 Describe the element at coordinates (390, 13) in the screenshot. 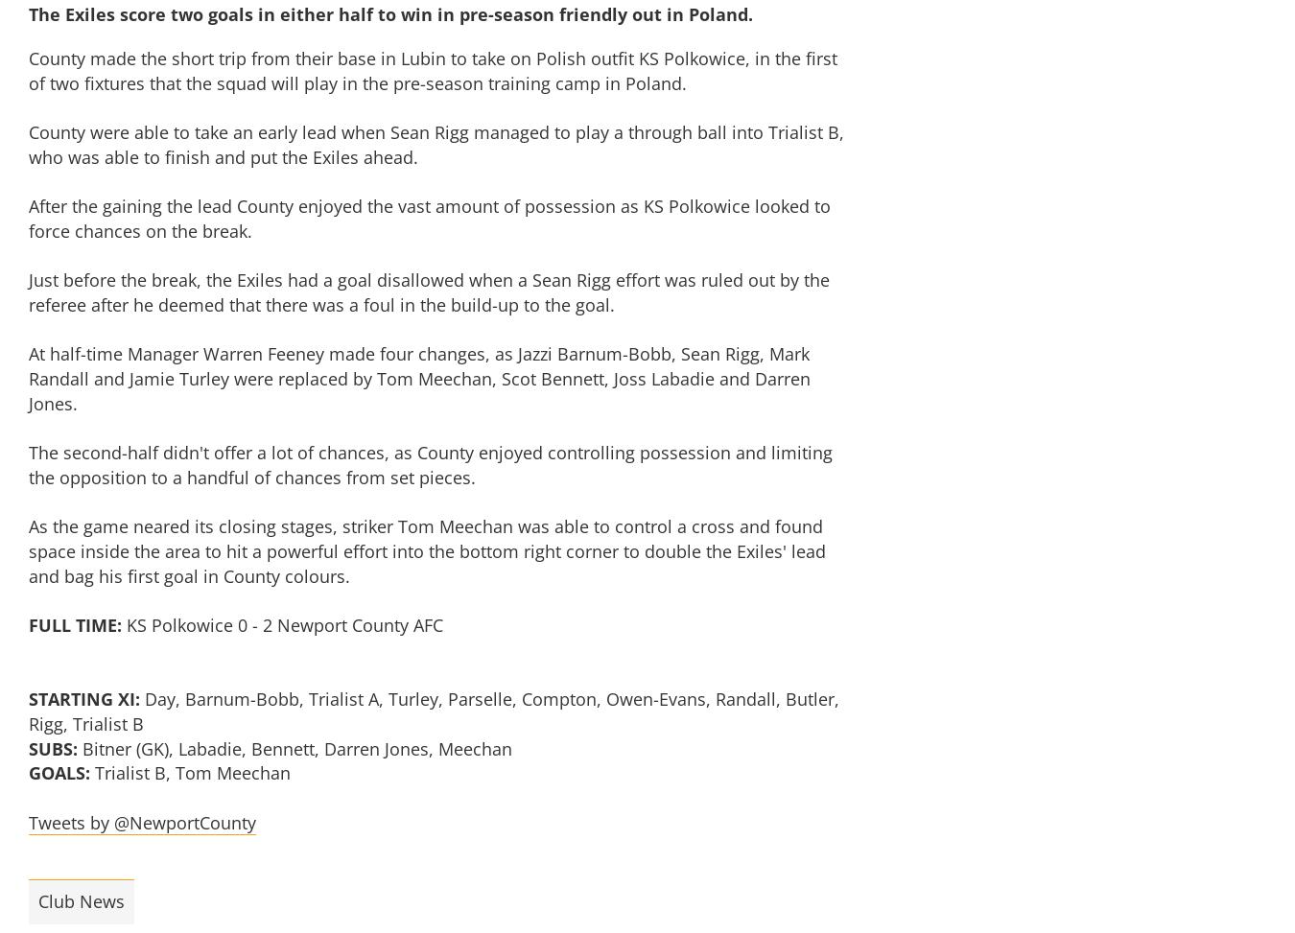

I see `'The Exiles score two goals in either half to win in pre-season friendly out in Poland.'` at that location.